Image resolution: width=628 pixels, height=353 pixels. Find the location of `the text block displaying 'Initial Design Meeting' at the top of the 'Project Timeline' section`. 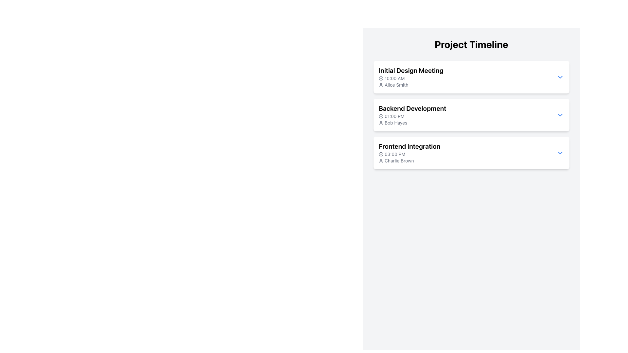

the text block displaying 'Initial Design Meeting' at the top of the 'Project Timeline' section is located at coordinates (410, 76).